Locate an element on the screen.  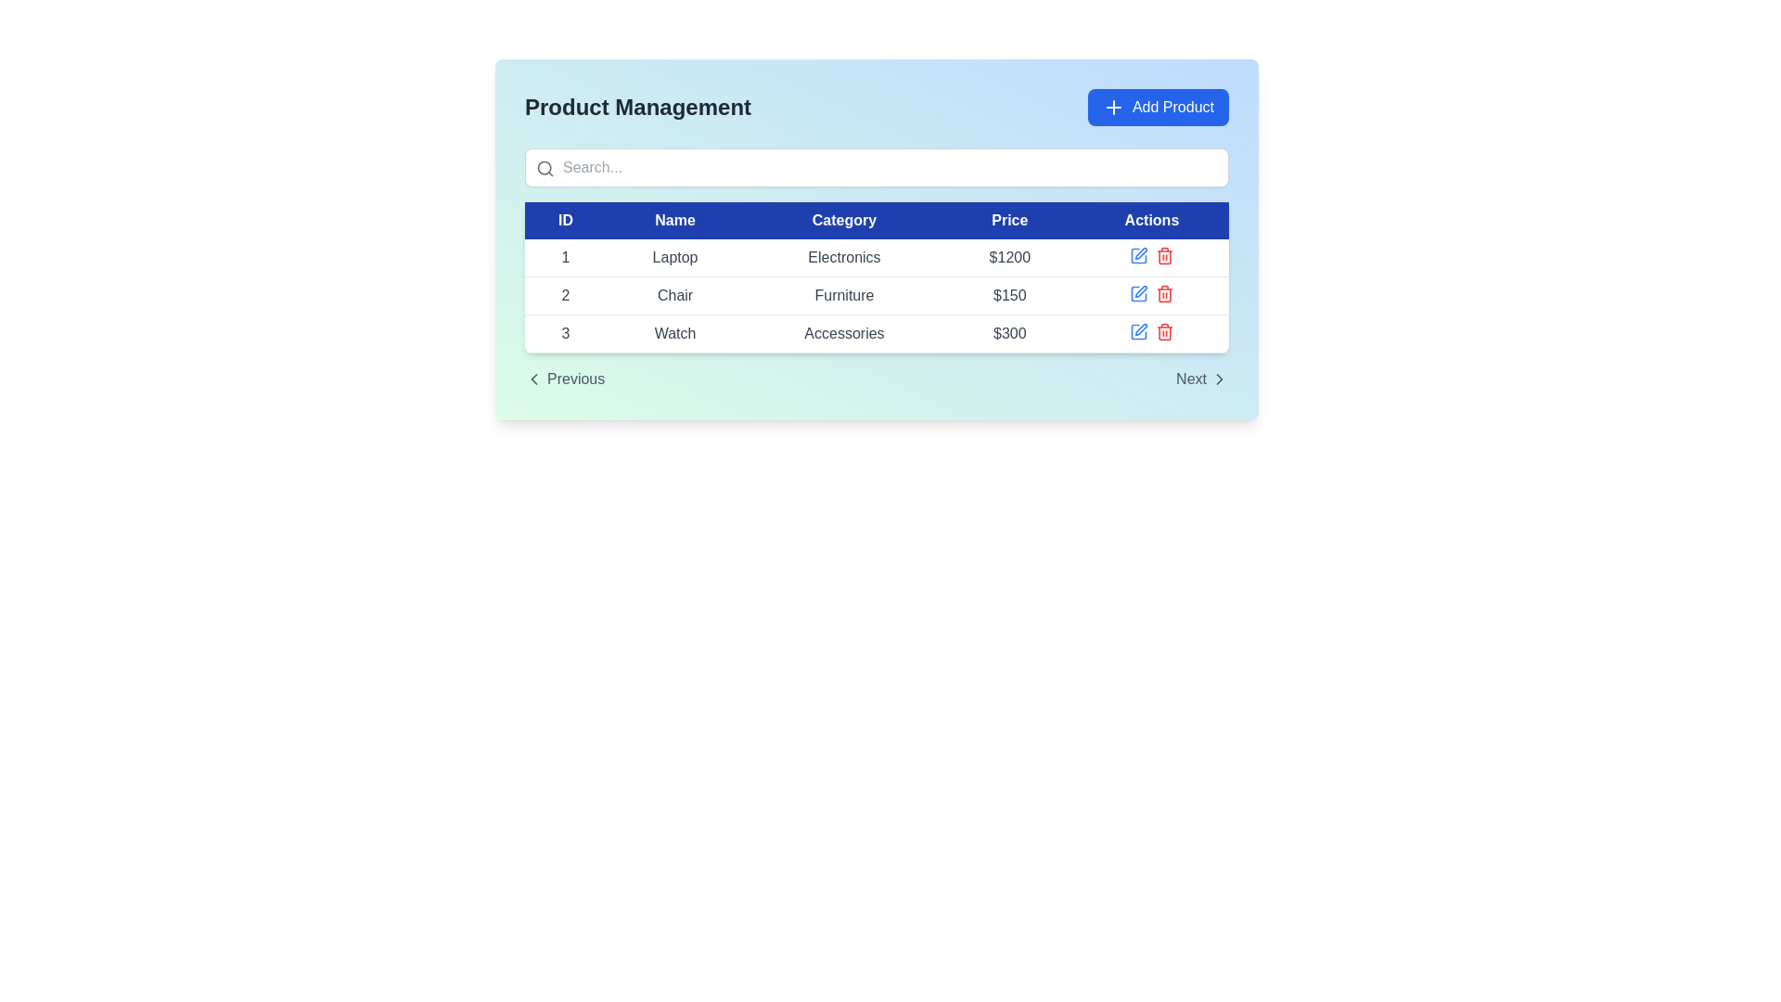
the navigational icon located to the right of the 'Next' text label is located at coordinates (1220, 378).